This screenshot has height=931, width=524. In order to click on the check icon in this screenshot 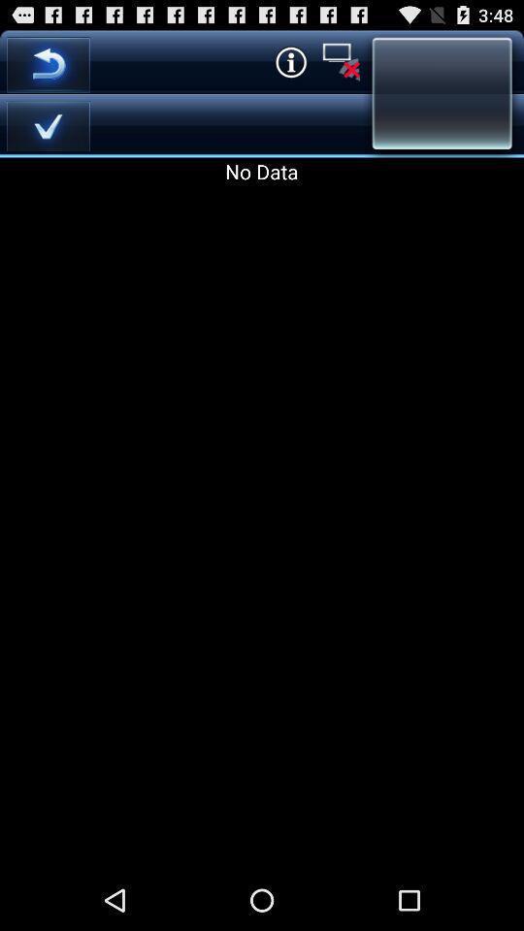, I will do `click(49, 134)`.